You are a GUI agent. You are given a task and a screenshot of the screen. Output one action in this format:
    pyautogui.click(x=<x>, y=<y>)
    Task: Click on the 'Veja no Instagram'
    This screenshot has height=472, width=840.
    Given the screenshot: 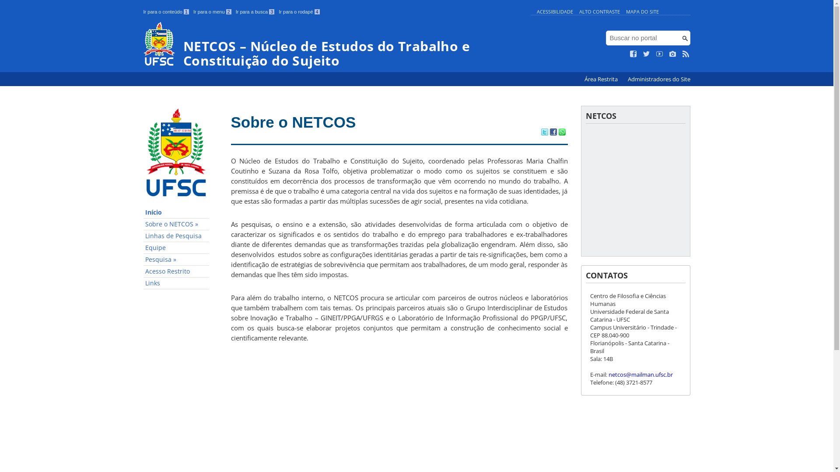 What is the action you would take?
    pyautogui.click(x=672, y=54)
    